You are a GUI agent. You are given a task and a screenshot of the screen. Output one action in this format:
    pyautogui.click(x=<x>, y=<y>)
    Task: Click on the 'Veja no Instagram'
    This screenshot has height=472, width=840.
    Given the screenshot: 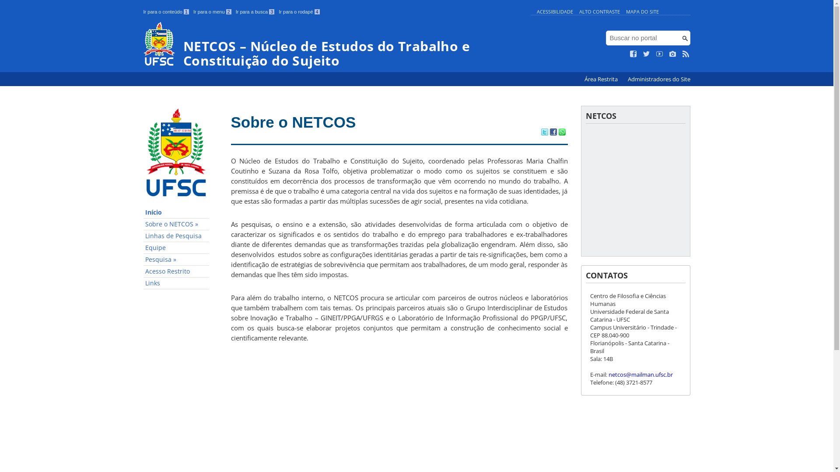 What is the action you would take?
    pyautogui.click(x=672, y=54)
    